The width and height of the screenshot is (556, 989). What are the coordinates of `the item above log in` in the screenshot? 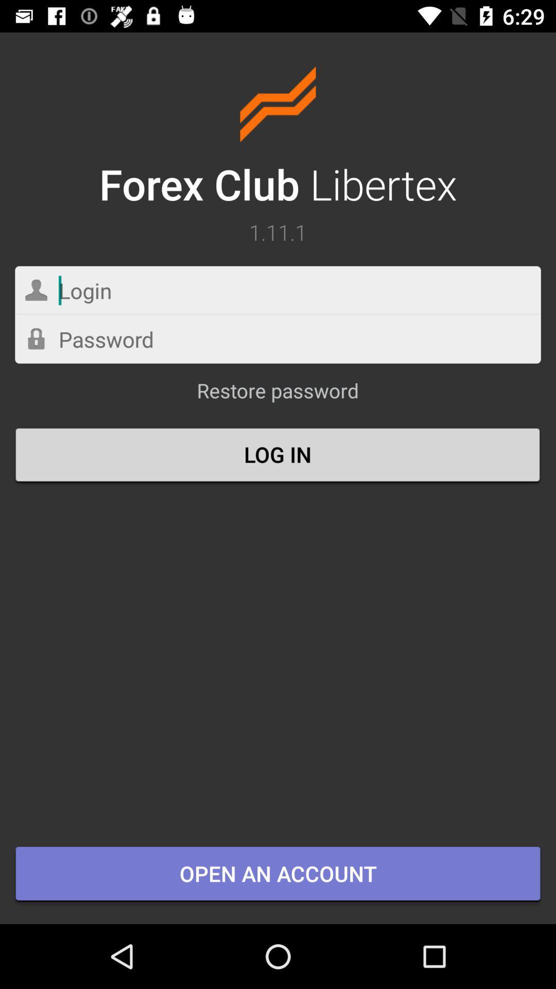 It's located at (277, 395).